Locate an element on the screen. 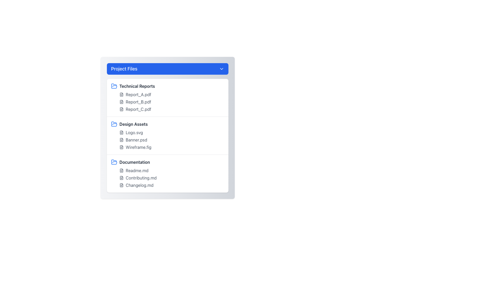  the file icon represented by the primary rectangle in the 'Wireframe.fig' row under the 'Design Assets' section is located at coordinates (121, 147).